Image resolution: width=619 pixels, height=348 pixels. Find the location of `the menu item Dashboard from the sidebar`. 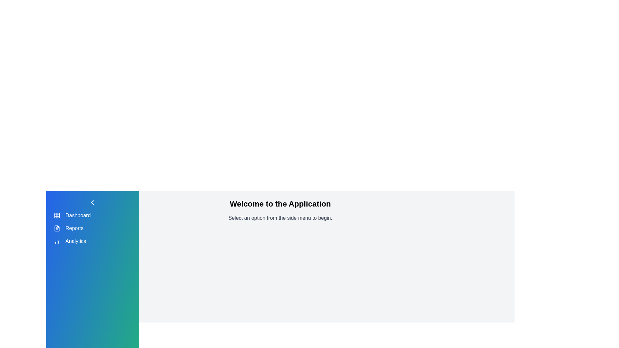

the menu item Dashboard from the sidebar is located at coordinates (92, 215).